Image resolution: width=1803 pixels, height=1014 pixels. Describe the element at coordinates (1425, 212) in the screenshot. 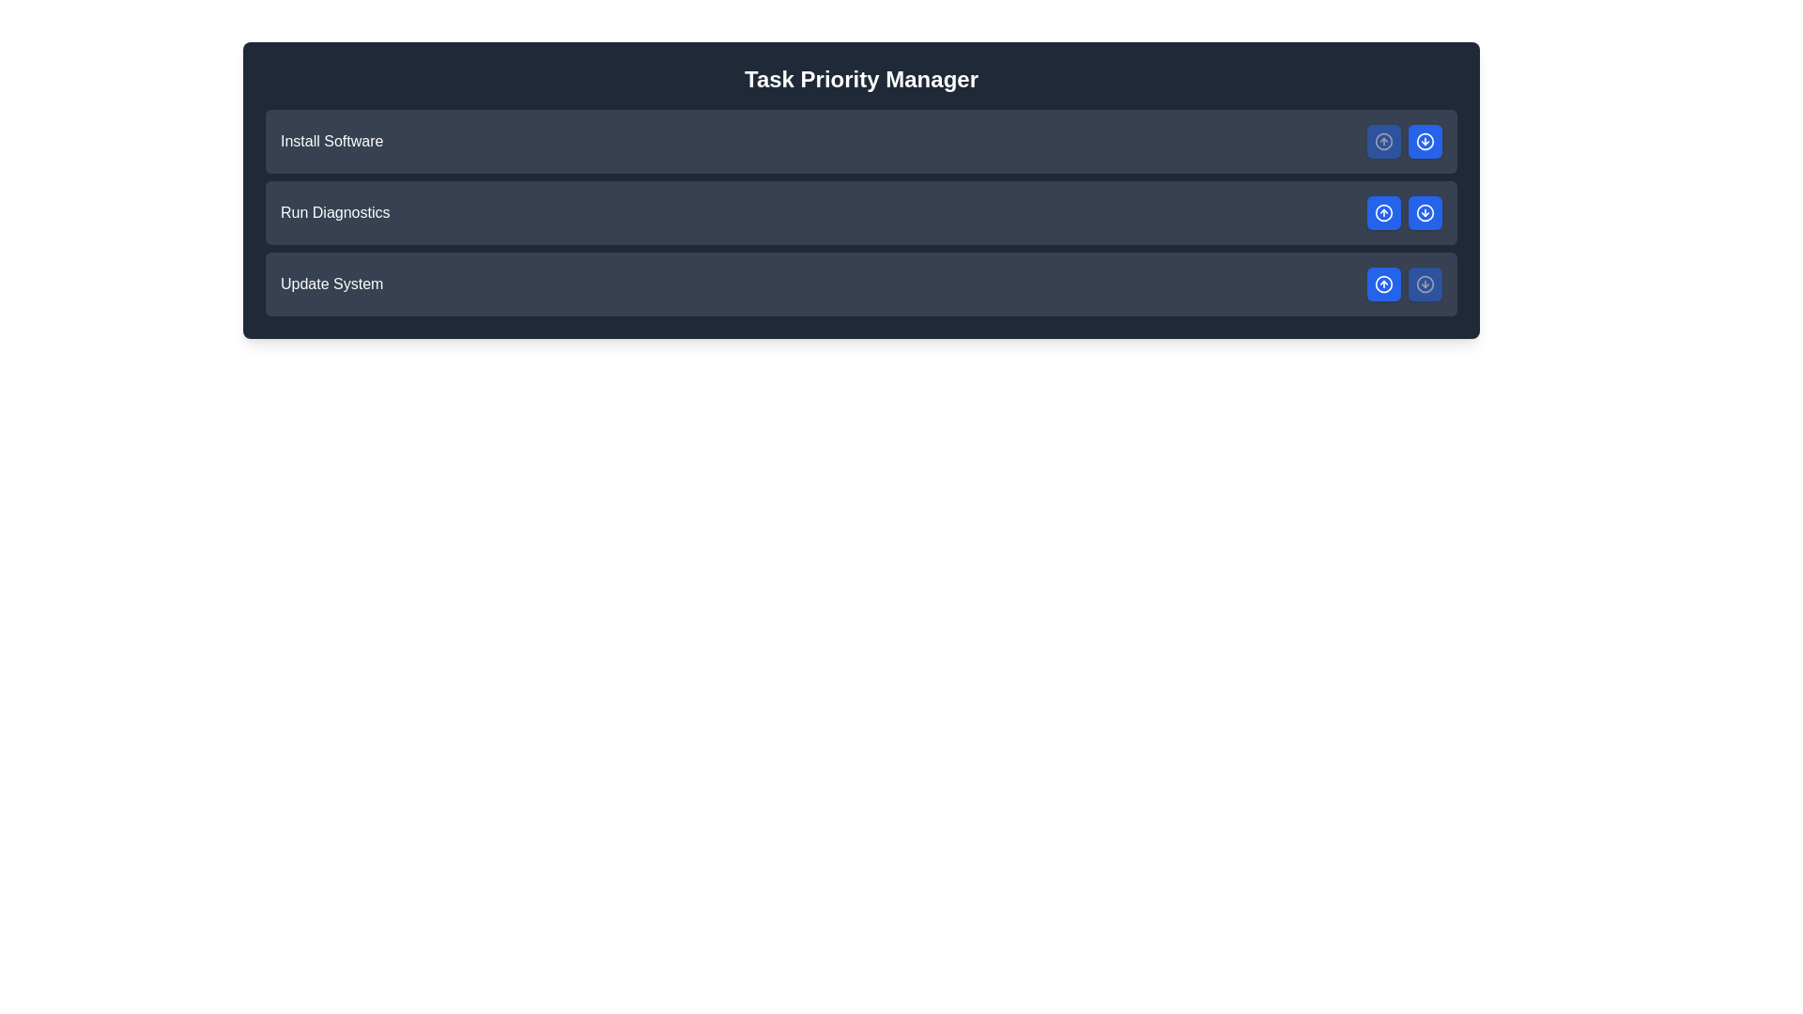

I see `the downward priority icon located on the blue button at the rightmost side of the third row in the 'Task Priority Manager' interface to move the associated item downward in priority` at that location.